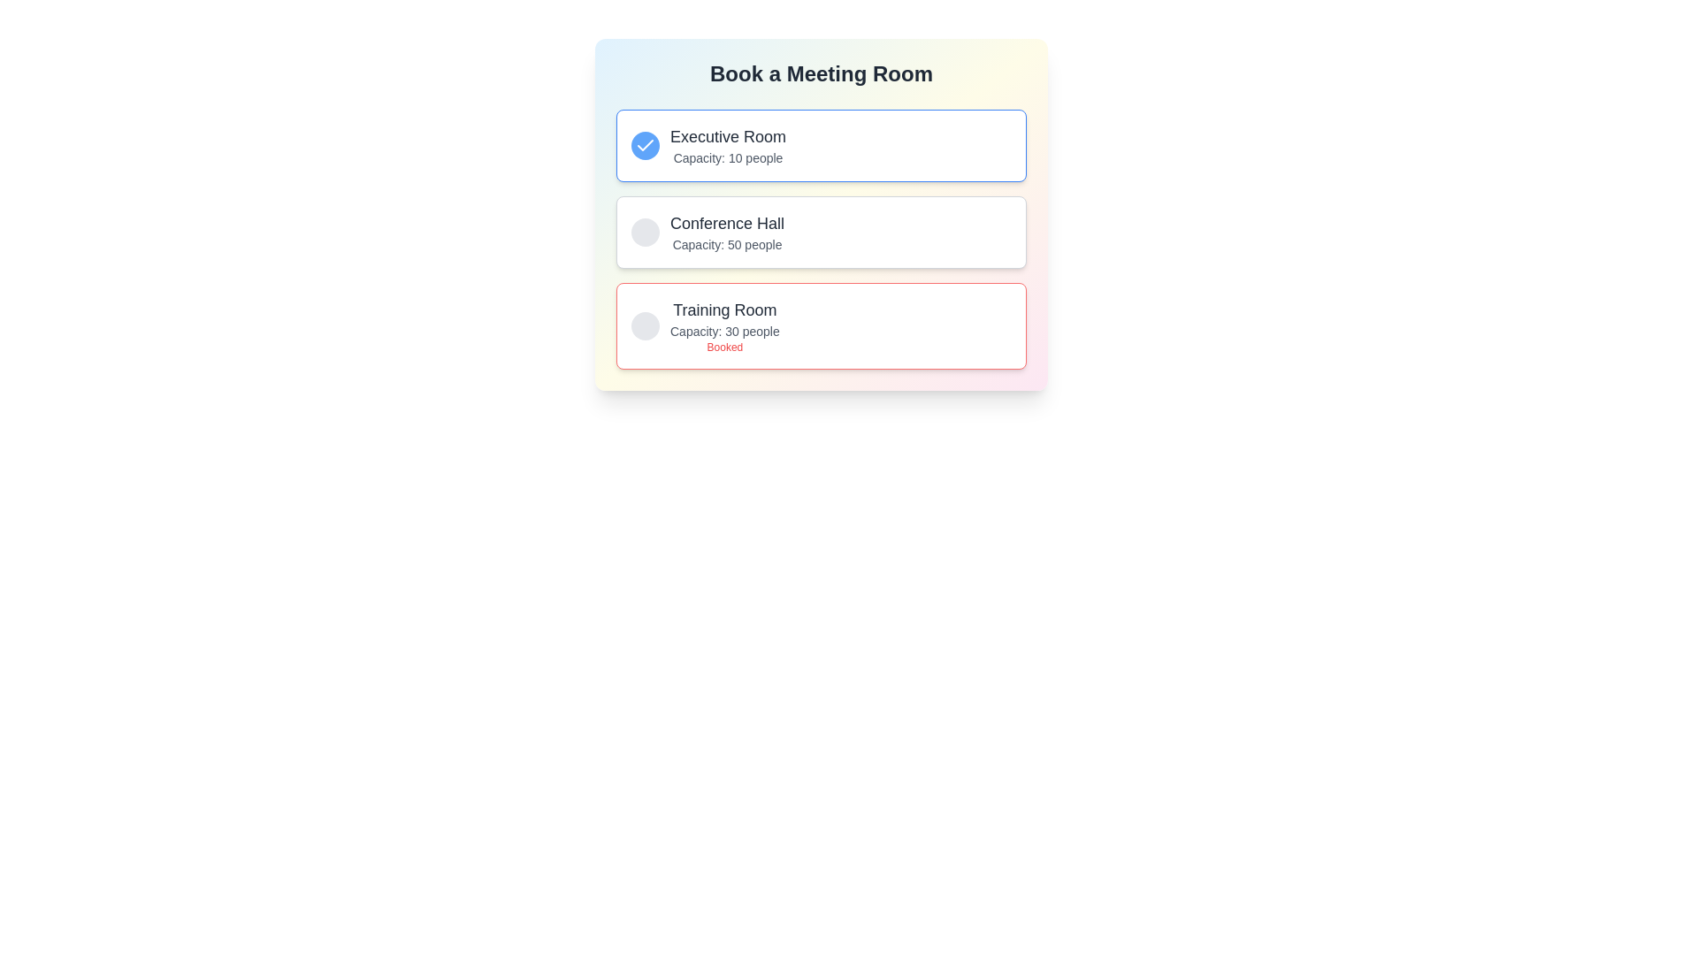 This screenshot has height=955, width=1698. I want to click on the informational card for the Training Room, which displays its capacity and booking status, located in the right column of the room options list as the third entry, so click(704, 326).